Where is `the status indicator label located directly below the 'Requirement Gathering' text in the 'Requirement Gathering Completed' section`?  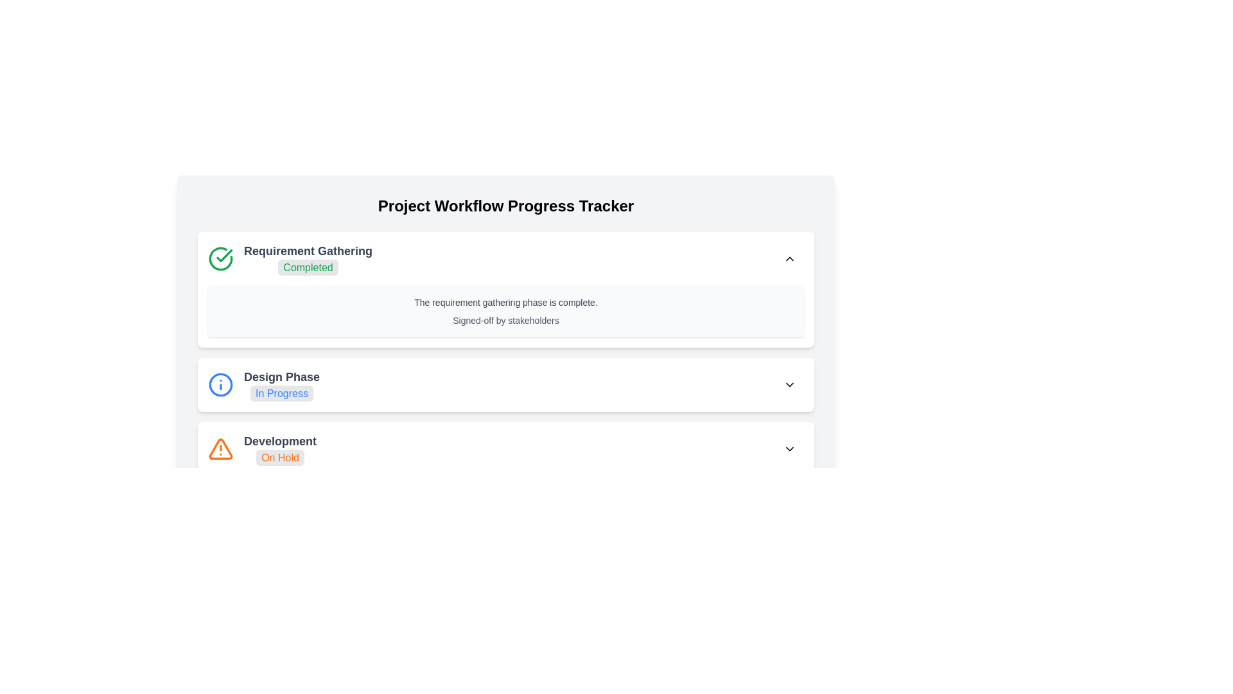
the status indicator label located directly below the 'Requirement Gathering' text in the 'Requirement Gathering Completed' section is located at coordinates (308, 258).